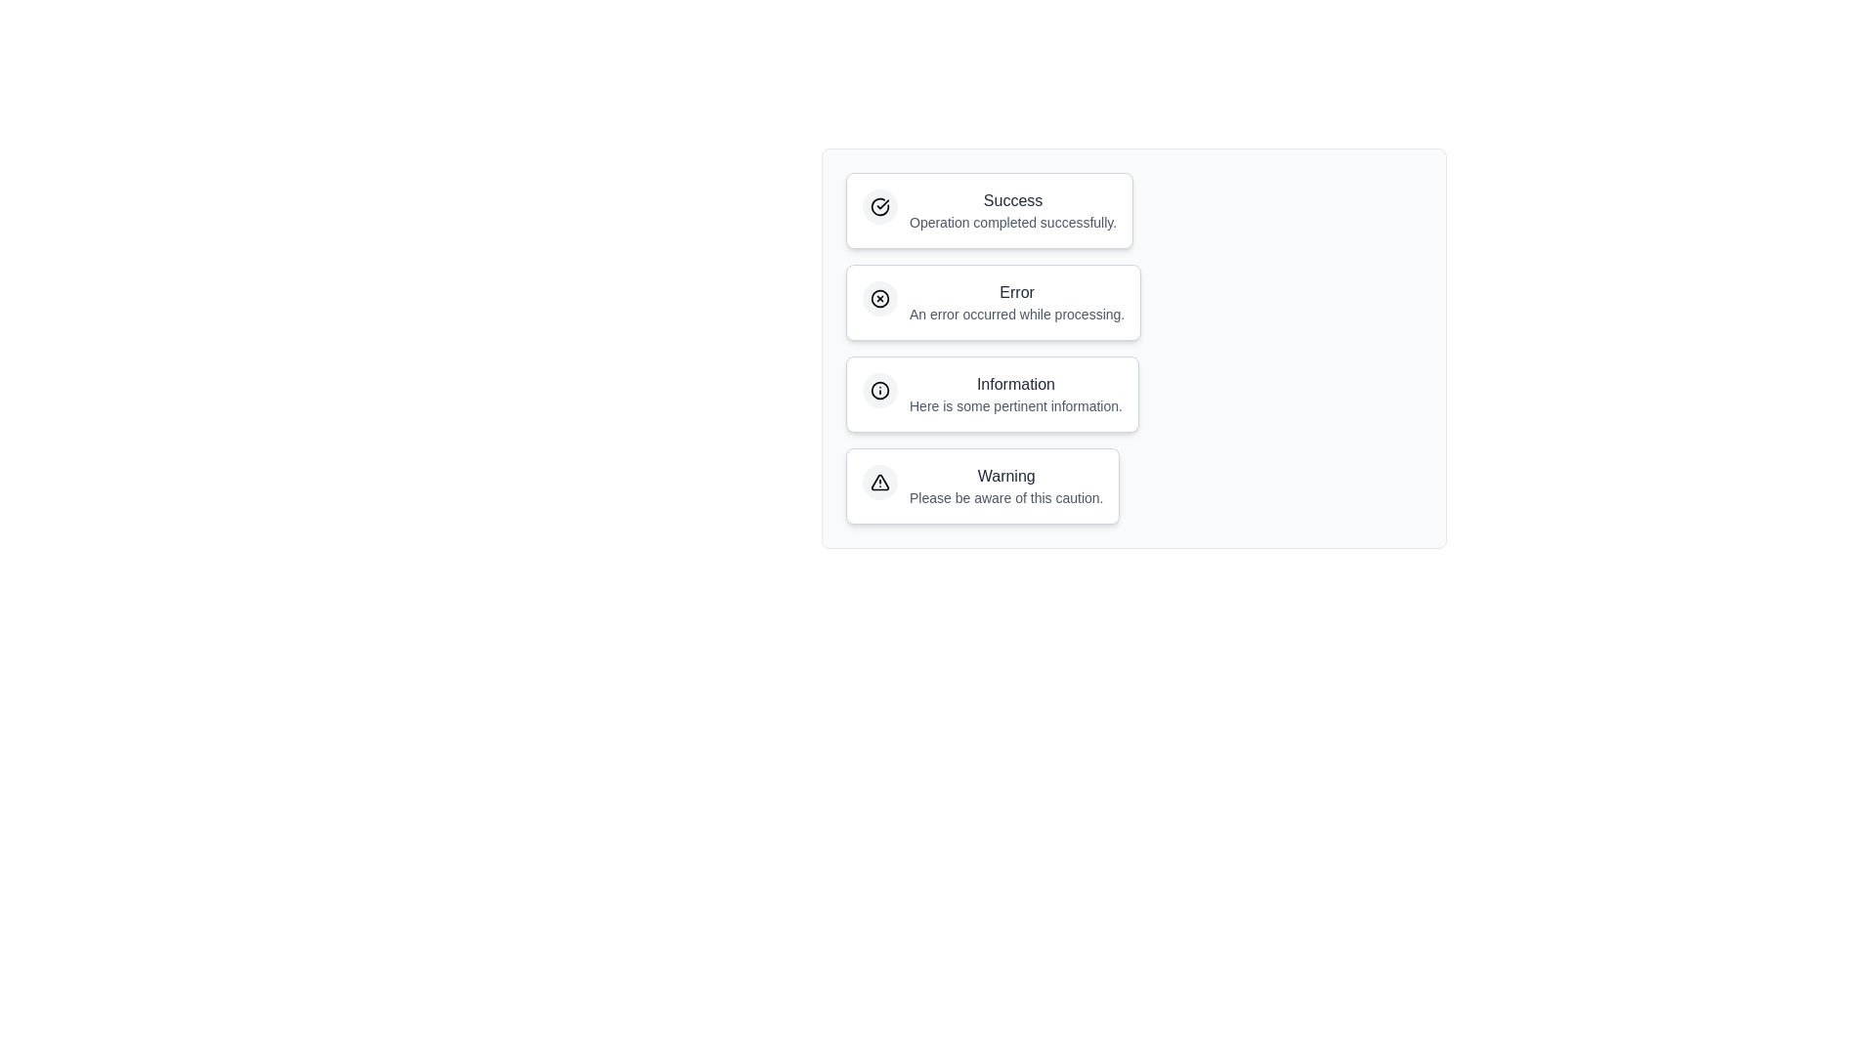 The width and height of the screenshot is (1876, 1055). What do you see at coordinates (994, 302) in the screenshot?
I see `the notification label and description for Error` at bounding box center [994, 302].